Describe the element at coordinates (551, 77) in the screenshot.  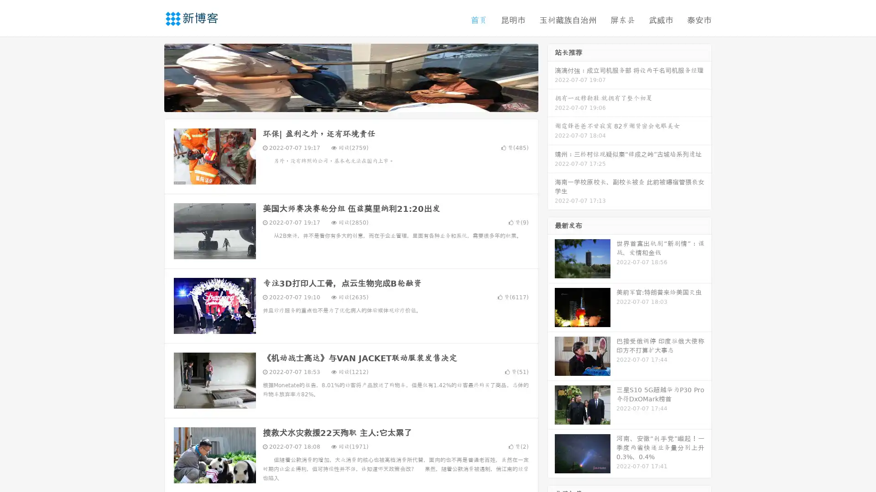
I see `Next slide` at that location.